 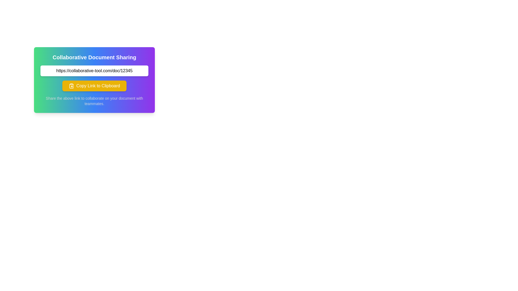 I want to click on the button with yellow background and text 'Copy Link to Clipboard', so click(x=94, y=86).